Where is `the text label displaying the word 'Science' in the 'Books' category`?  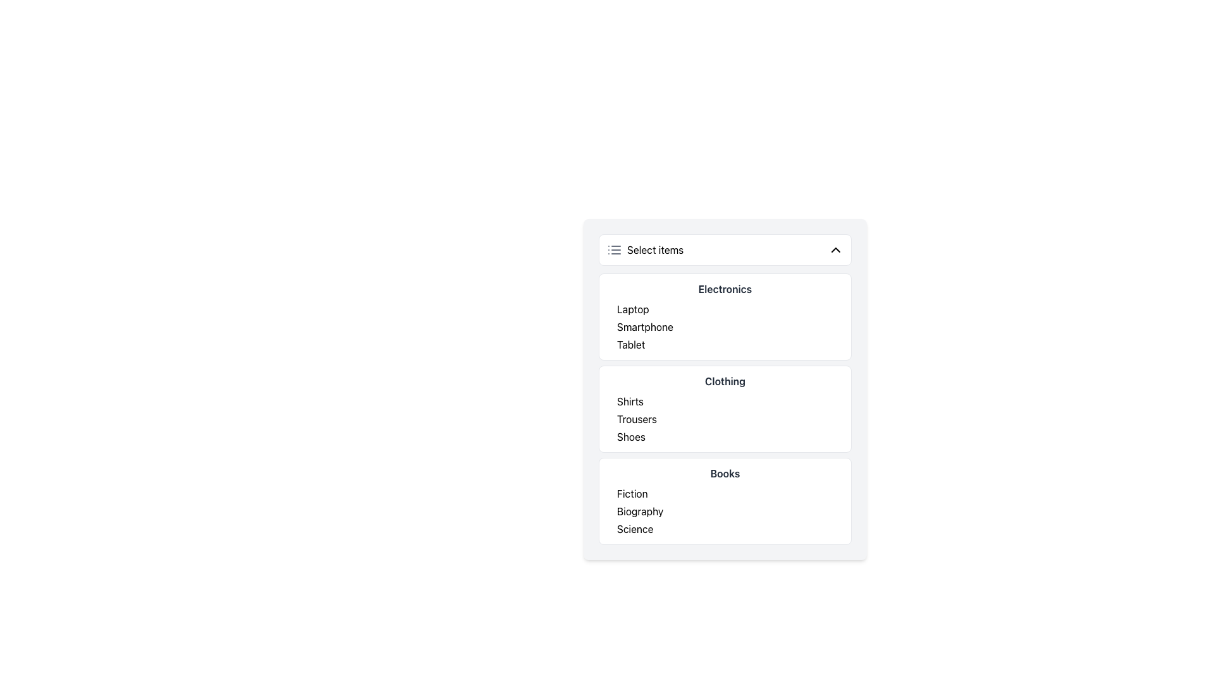
the text label displaying the word 'Science' in the 'Books' category is located at coordinates (635, 529).